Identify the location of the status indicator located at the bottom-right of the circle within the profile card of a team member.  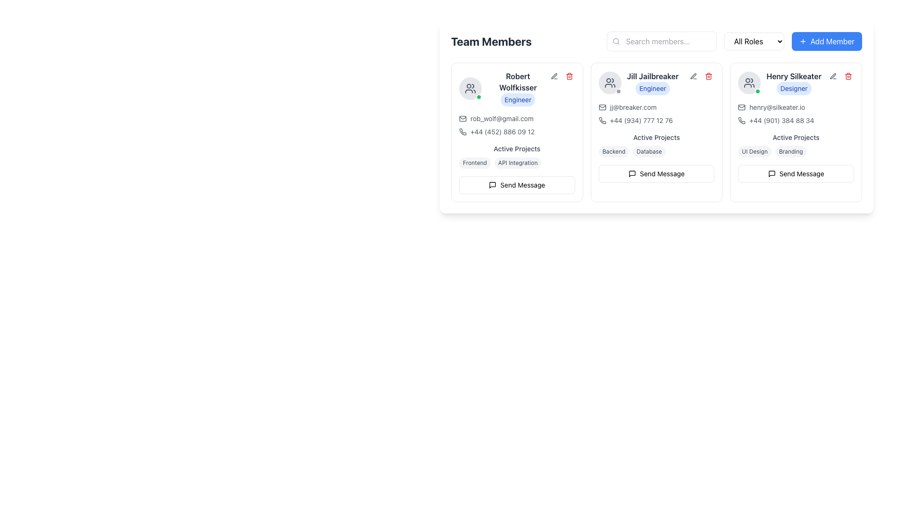
(618, 91).